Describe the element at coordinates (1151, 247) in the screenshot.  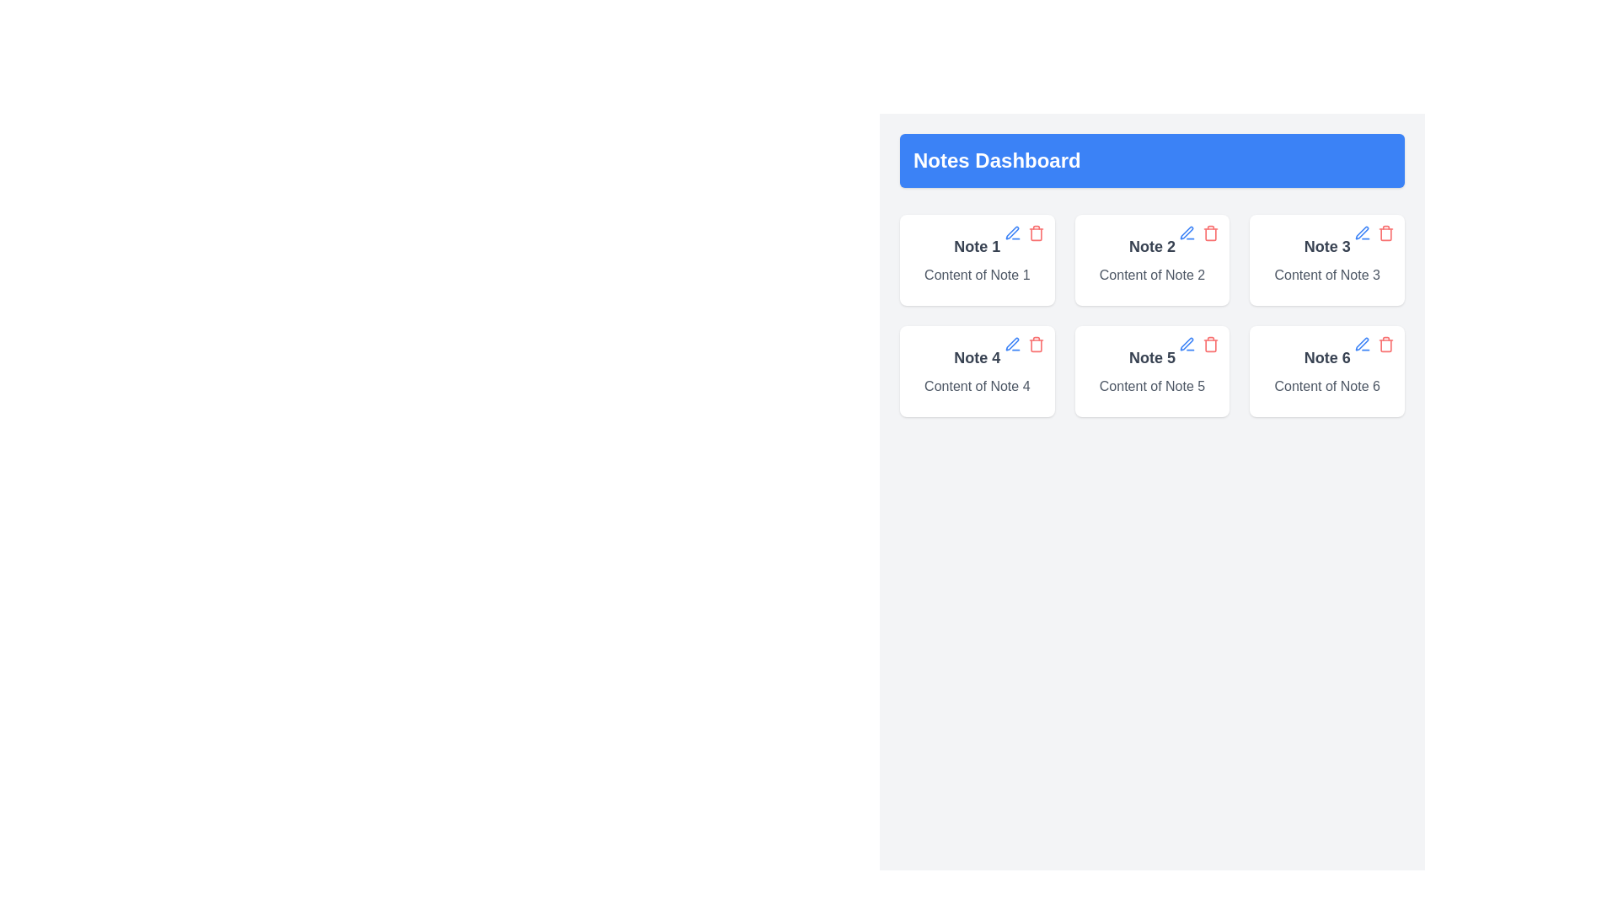
I see `the text label that serves as the title of the second note card in the grid, located in the top row and second column` at that location.